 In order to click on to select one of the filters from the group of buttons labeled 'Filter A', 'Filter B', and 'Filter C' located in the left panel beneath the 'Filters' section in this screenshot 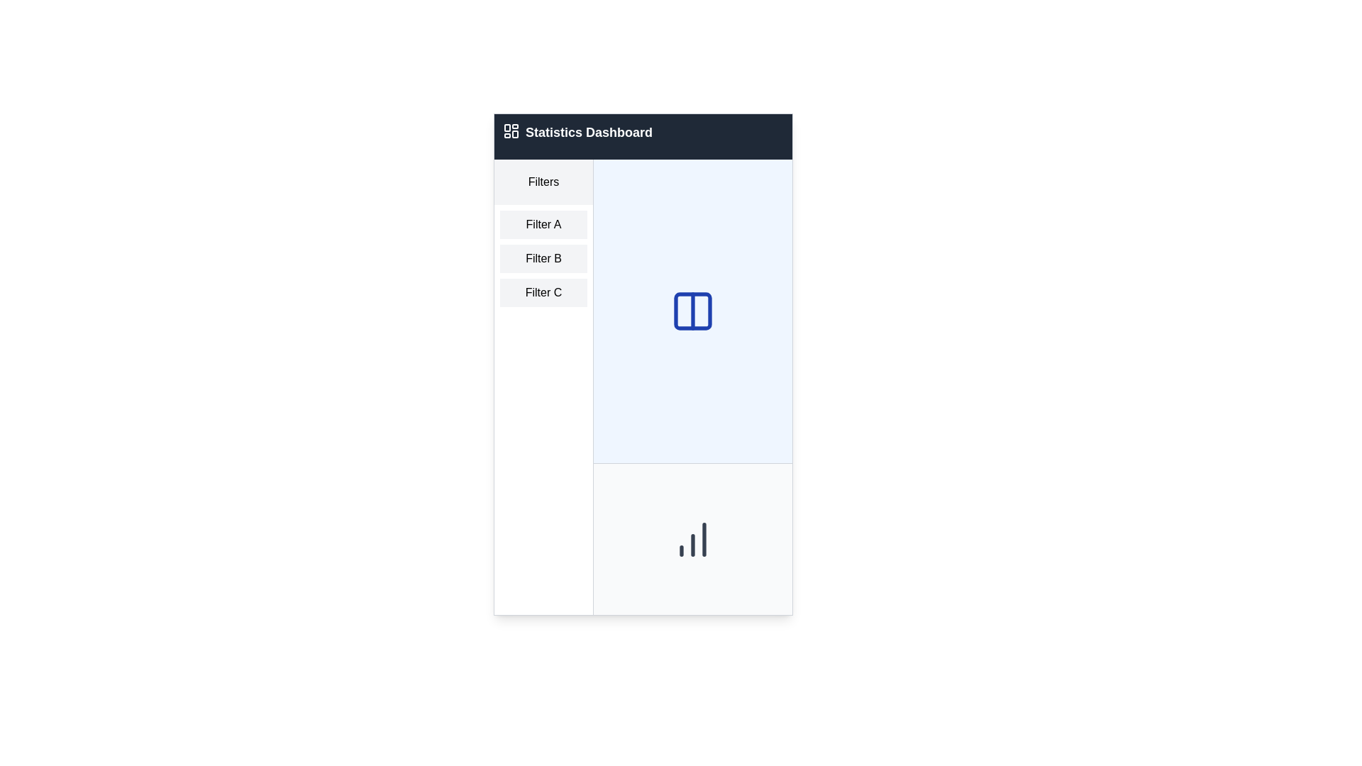, I will do `click(543, 259)`.